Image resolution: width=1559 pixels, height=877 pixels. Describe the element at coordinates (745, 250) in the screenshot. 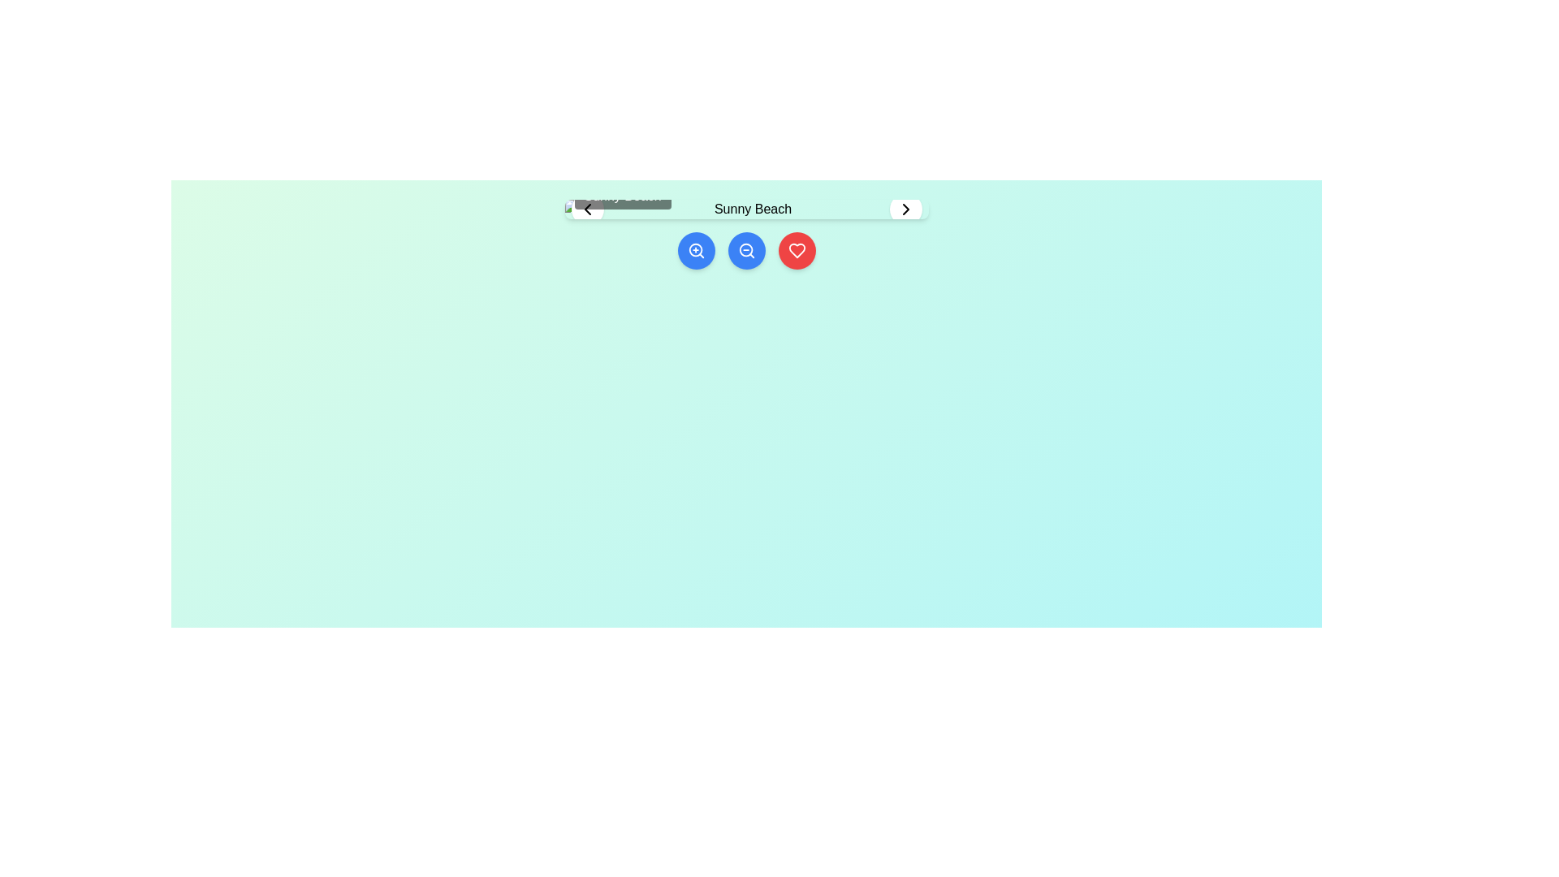

I see `the blue circular button with a magnifying glass icon located beneath the title 'Sunny Beach'` at that location.